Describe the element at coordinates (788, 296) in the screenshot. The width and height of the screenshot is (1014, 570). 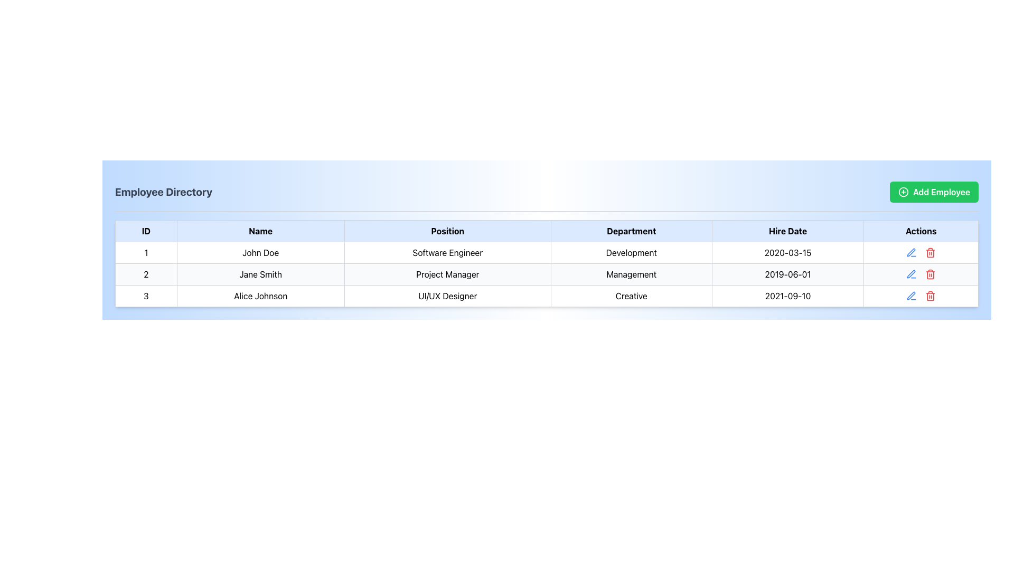
I see `the text display field showing the date '2021-09-10', which is styled with centered alignment in a box under the 'Hire Date' column and aligned with the 'Alice Johnson' row` at that location.